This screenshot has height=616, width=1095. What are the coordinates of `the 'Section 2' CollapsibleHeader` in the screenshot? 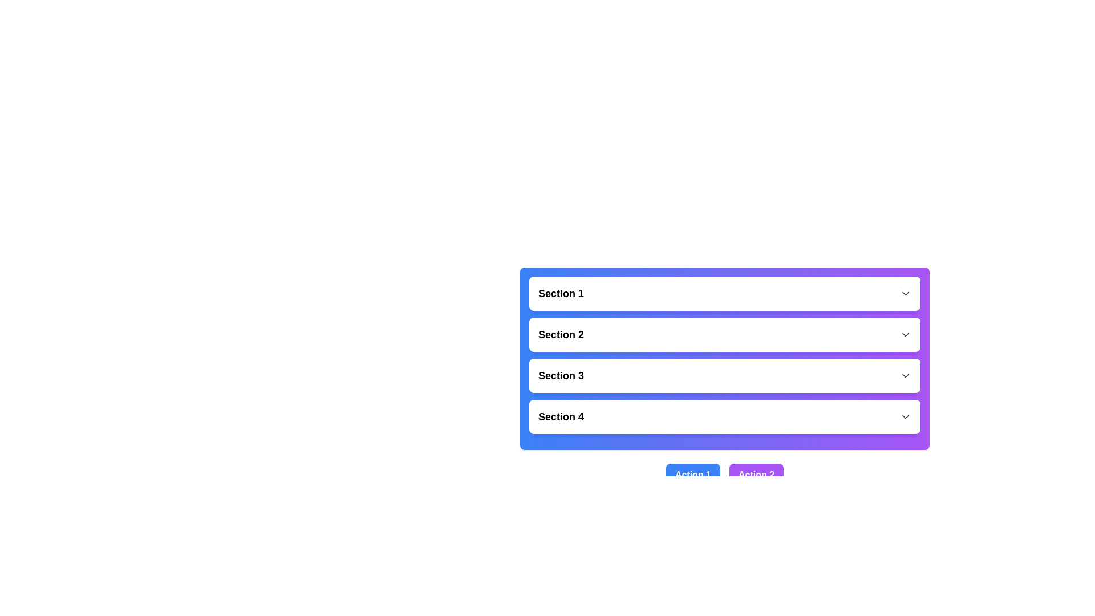 It's located at (724, 334).